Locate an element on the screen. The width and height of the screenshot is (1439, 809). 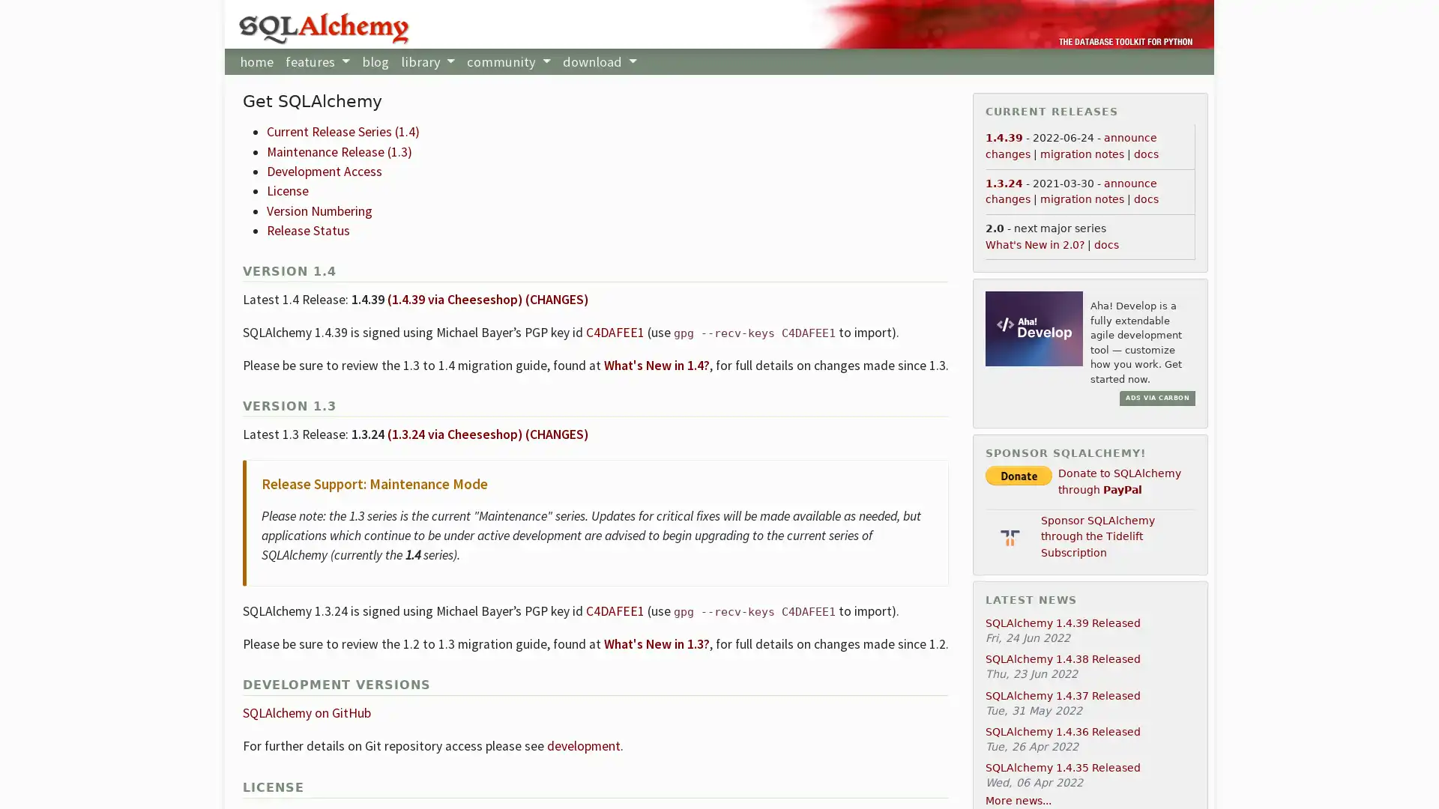
PayPal - The safer, easier way to pay online! is located at coordinates (1019, 475).